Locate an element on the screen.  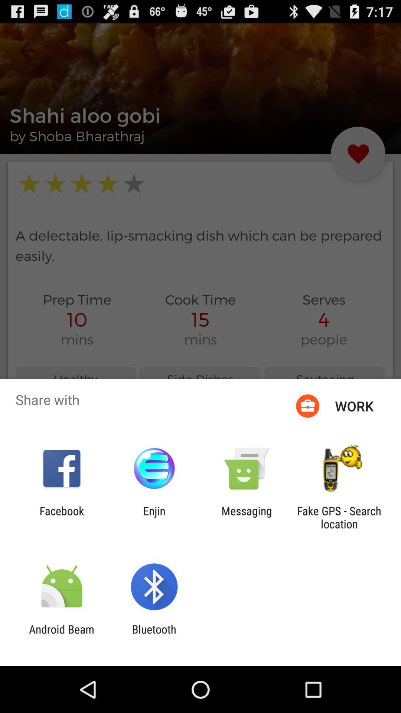
facebook icon is located at coordinates (61, 517).